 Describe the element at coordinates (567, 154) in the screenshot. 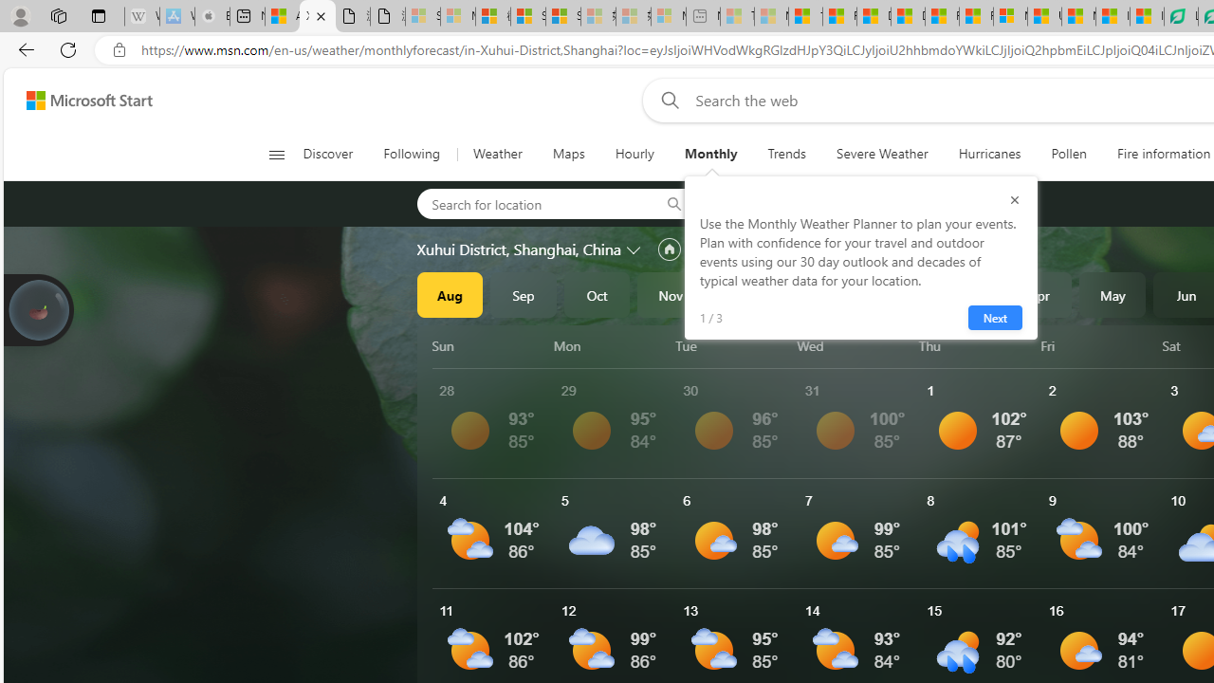

I see `'Maps'` at that location.